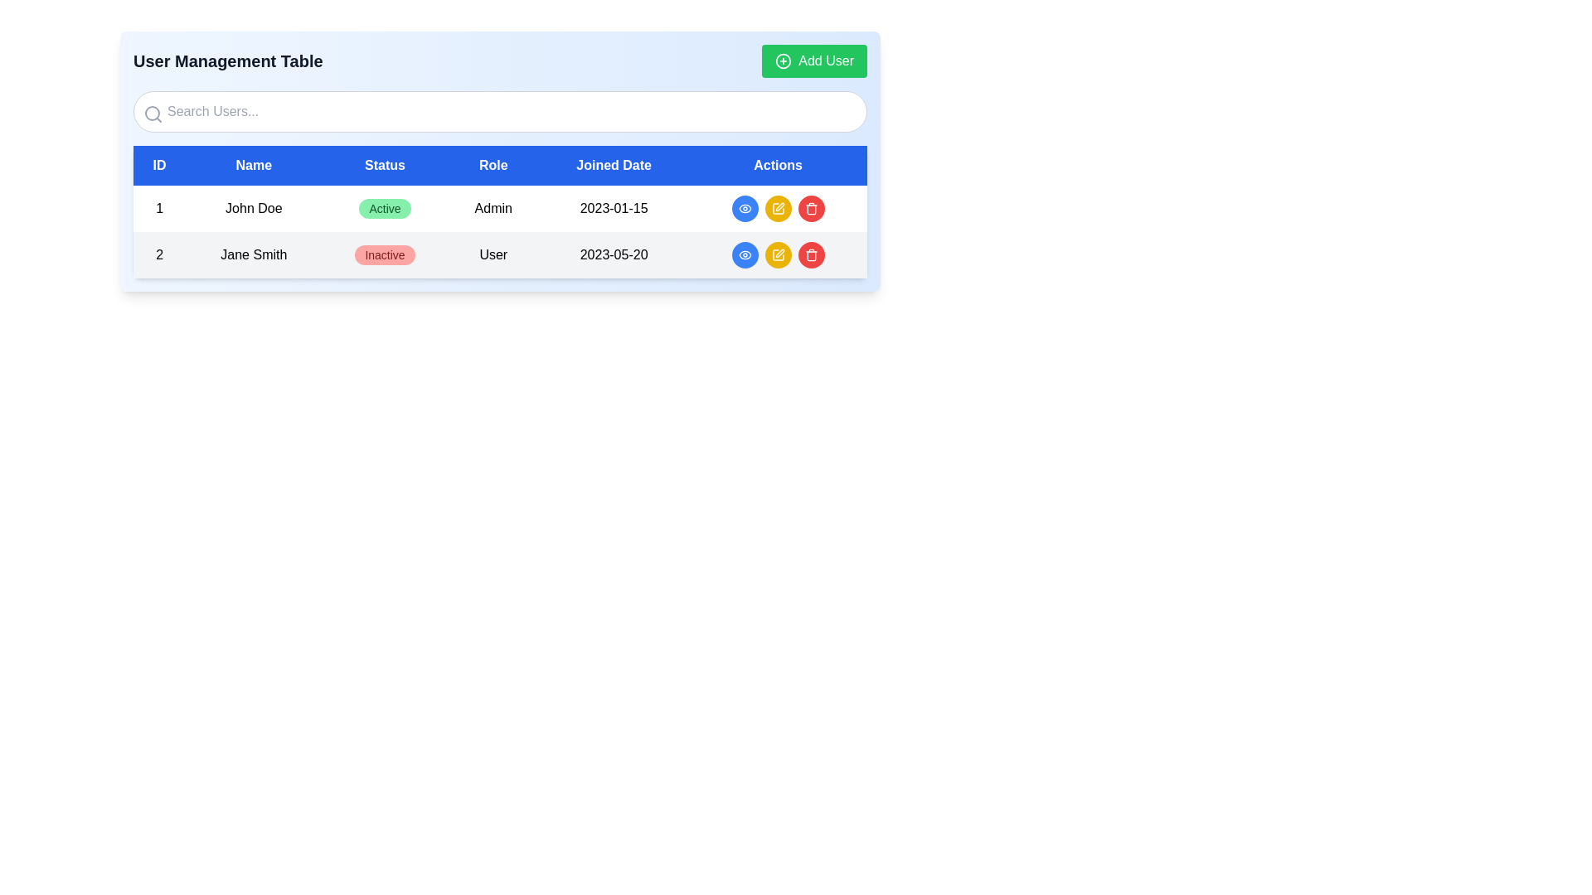 The width and height of the screenshot is (1592, 895). What do you see at coordinates (493, 166) in the screenshot?
I see `the text label that denotes the column header for user role information in the table, which is centrally located between the 'Status' and 'Joined Date' columns` at bounding box center [493, 166].